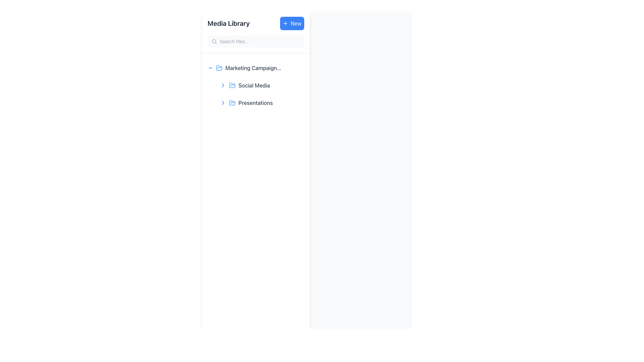  I want to click on the Icon button, so click(223, 85).